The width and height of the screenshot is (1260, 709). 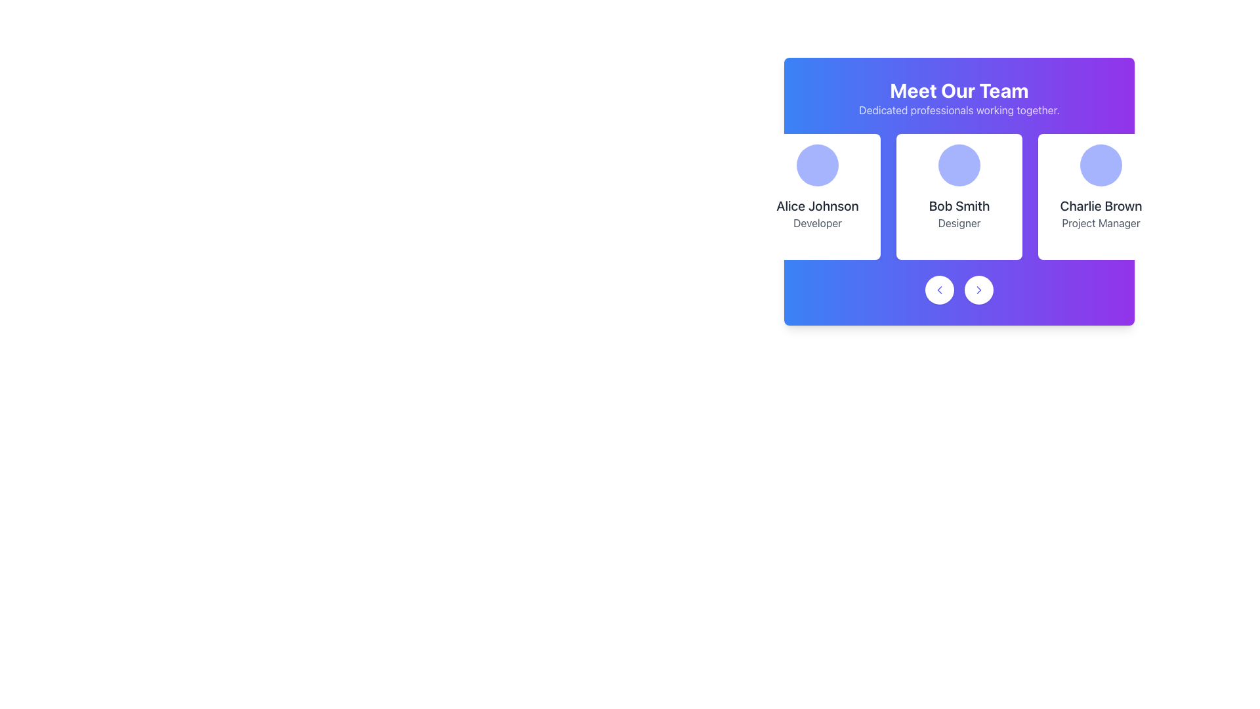 I want to click on the circular light indigo avatar element located at the top center of the card displaying 'Bob Smith Designer', so click(x=959, y=164).